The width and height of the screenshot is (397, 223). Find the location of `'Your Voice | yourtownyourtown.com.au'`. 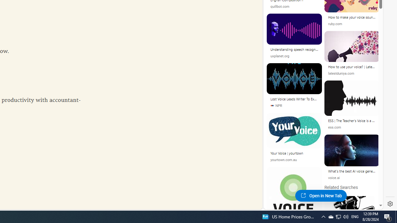

'Your Voice | yourtownyourtown.com.au' is located at coordinates (294, 140).